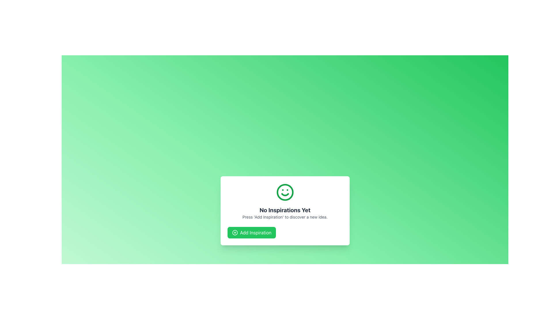 This screenshot has height=311, width=553. I want to click on the informational header text indicating the lack of inspirations, located directly below the green smiling face icon, so click(285, 210).